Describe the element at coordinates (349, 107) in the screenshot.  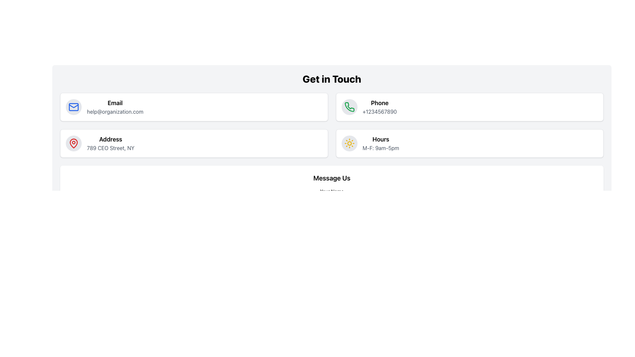
I see `the phone icon located in the top right section of the interface within the 'Phone' card to initiate a call or obtain more contact details` at that location.